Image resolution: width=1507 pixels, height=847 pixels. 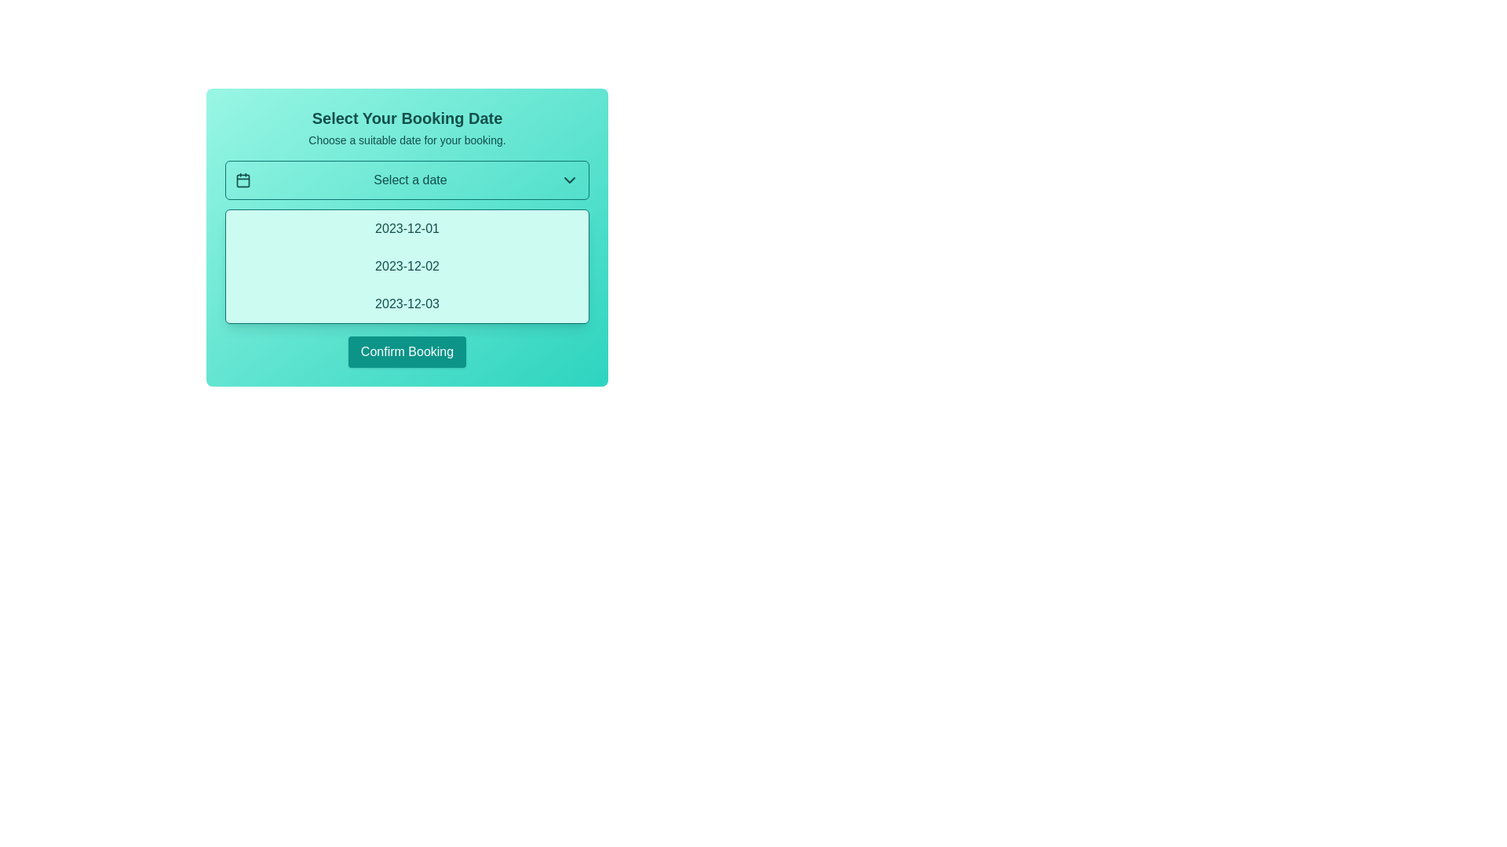 I want to click on the date option '2023-12-03' in the booking widget, which is the third item in the dropdown list, located within a card labeled 'Select Your Booking Date', so click(x=407, y=304).